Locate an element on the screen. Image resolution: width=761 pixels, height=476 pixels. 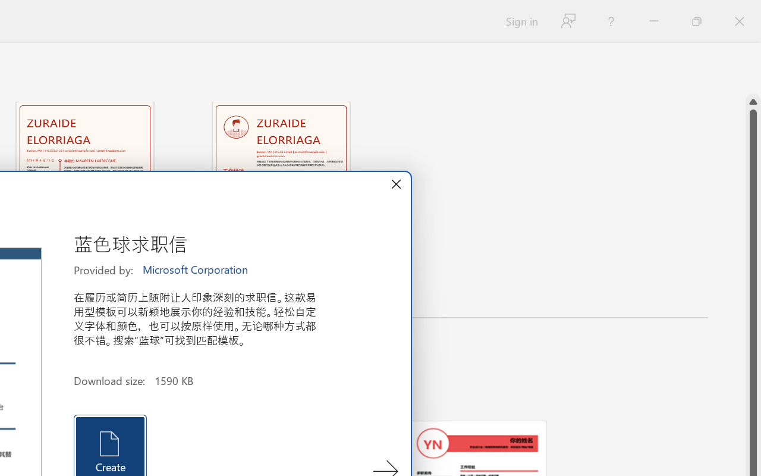
'Microsoft Corporation' is located at coordinates (196, 270).